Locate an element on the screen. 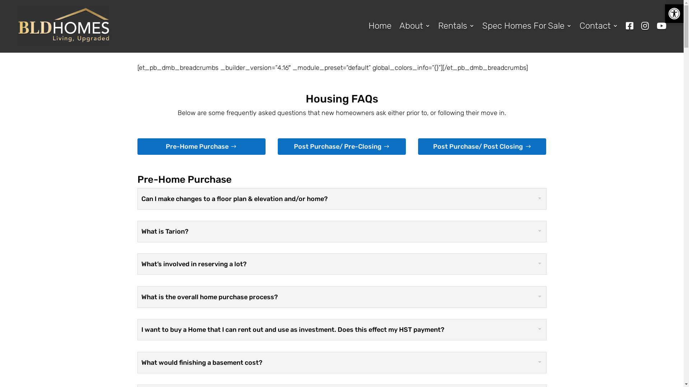 Image resolution: width=689 pixels, height=387 pixels. 'Post Purchase/ Pre-Closing' is located at coordinates (341, 146).